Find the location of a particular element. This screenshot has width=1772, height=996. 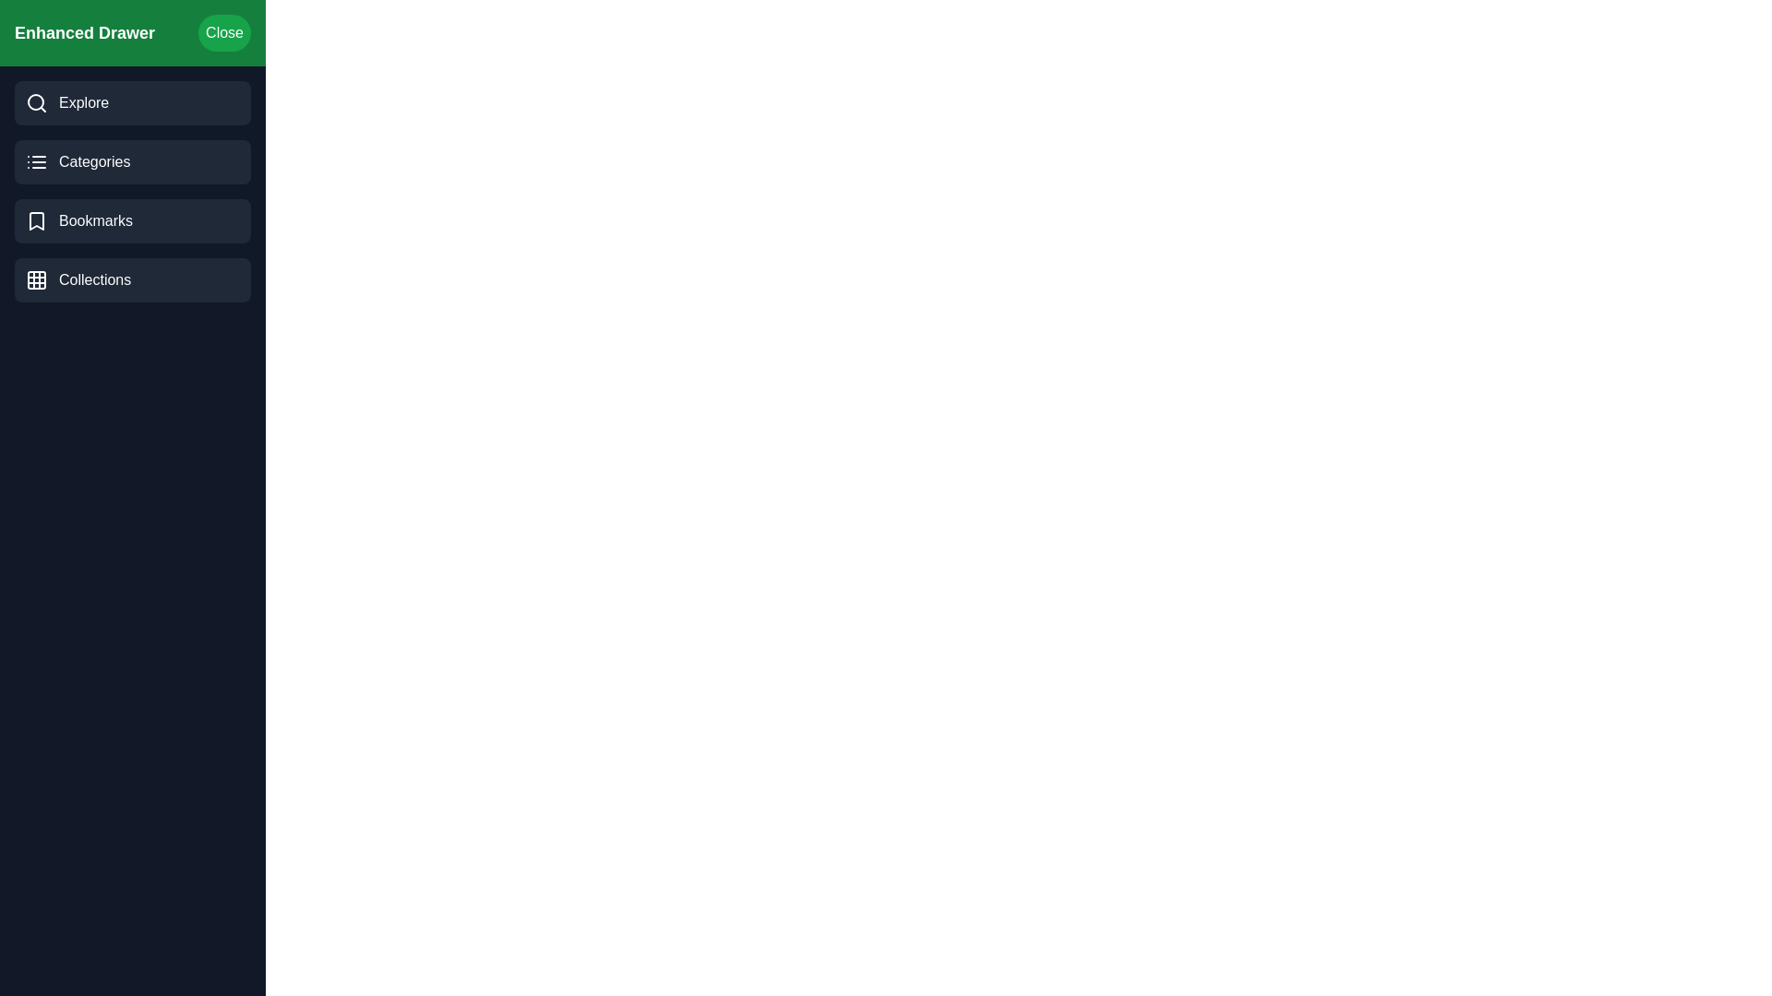

the 'Bookmarks' category to select it is located at coordinates (132, 219).